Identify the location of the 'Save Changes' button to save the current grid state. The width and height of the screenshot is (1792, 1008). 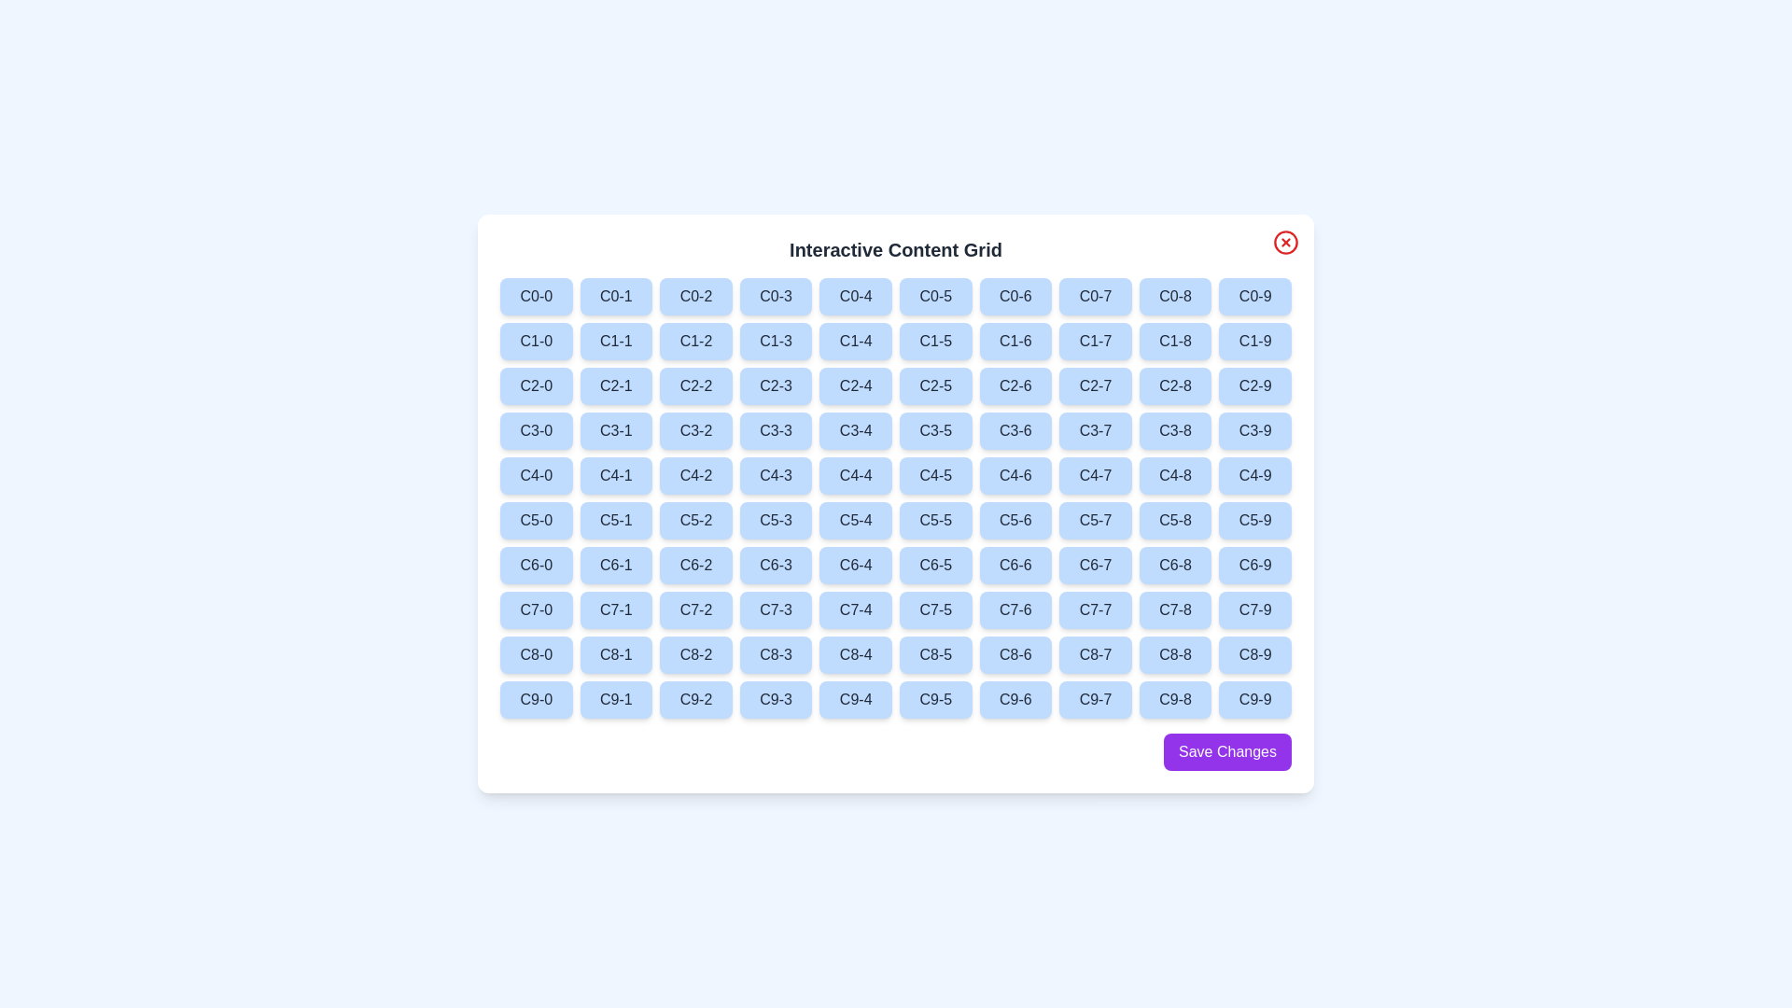
(1227, 751).